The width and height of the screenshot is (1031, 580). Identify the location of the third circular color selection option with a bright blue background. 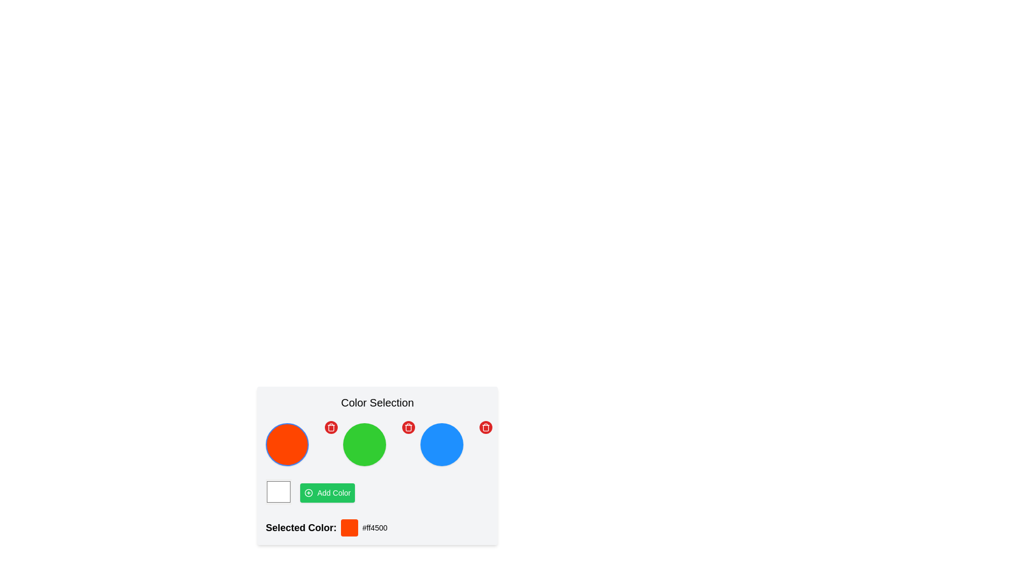
(454, 445).